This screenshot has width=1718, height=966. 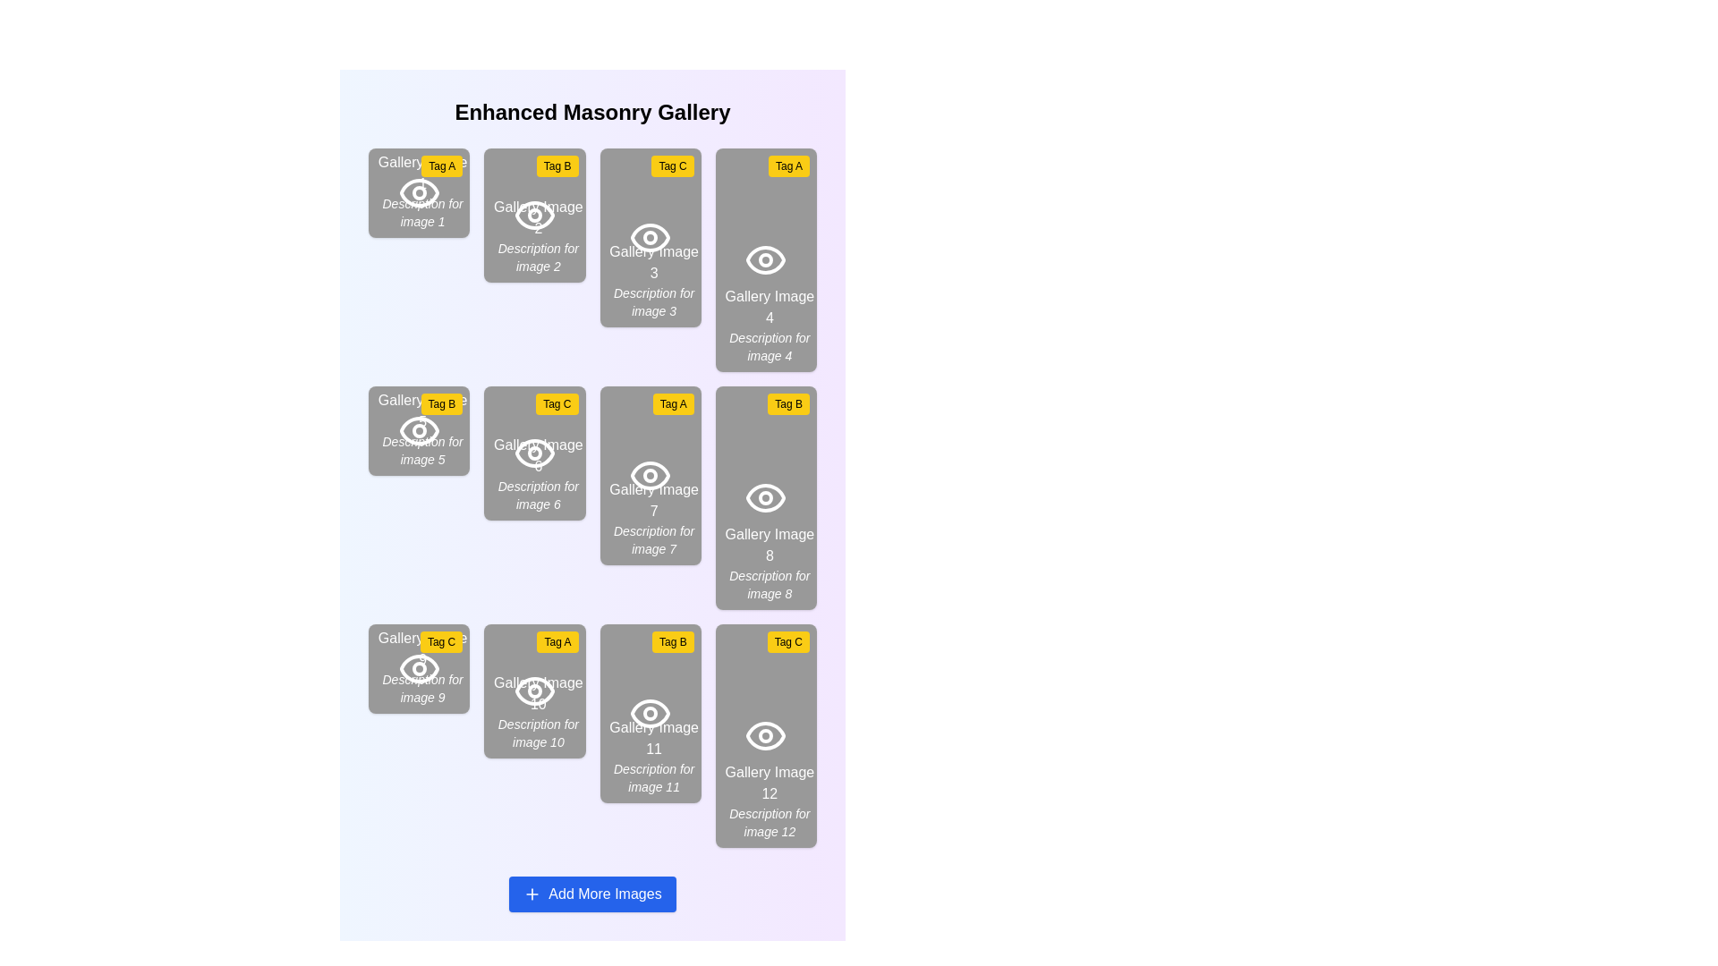 What do you see at coordinates (442, 165) in the screenshot?
I see `the Tag or Label in the top-right corner of the card containing 'Gallery Image 1' and 'Description for image 1' for easy identification or filtering` at bounding box center [442, 165].